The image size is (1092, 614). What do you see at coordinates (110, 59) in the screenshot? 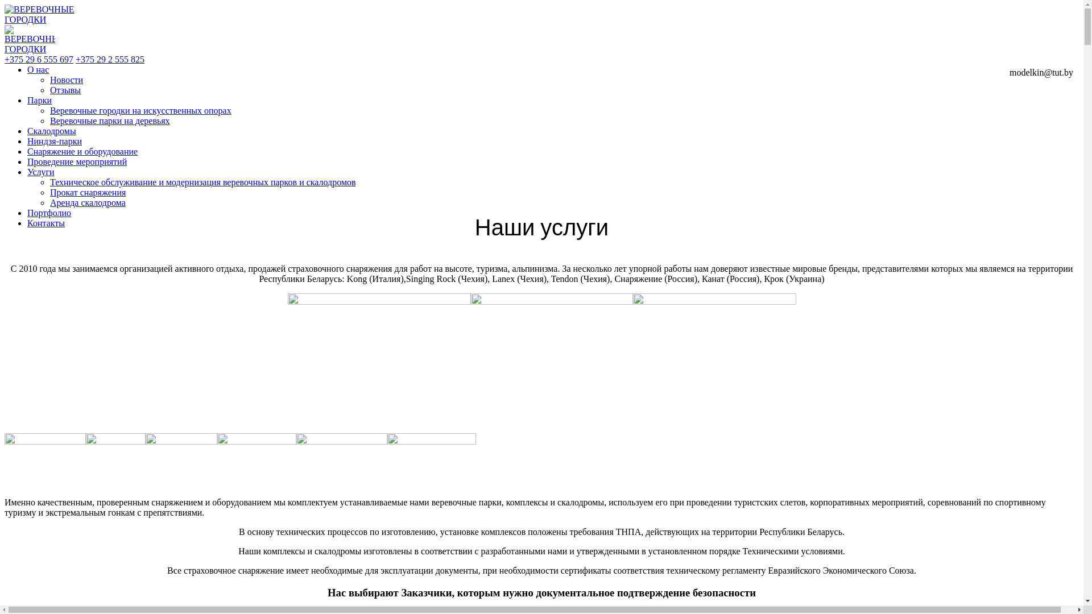
I see `'+375 29 2 555 825'` at bounding box center [110, 59].